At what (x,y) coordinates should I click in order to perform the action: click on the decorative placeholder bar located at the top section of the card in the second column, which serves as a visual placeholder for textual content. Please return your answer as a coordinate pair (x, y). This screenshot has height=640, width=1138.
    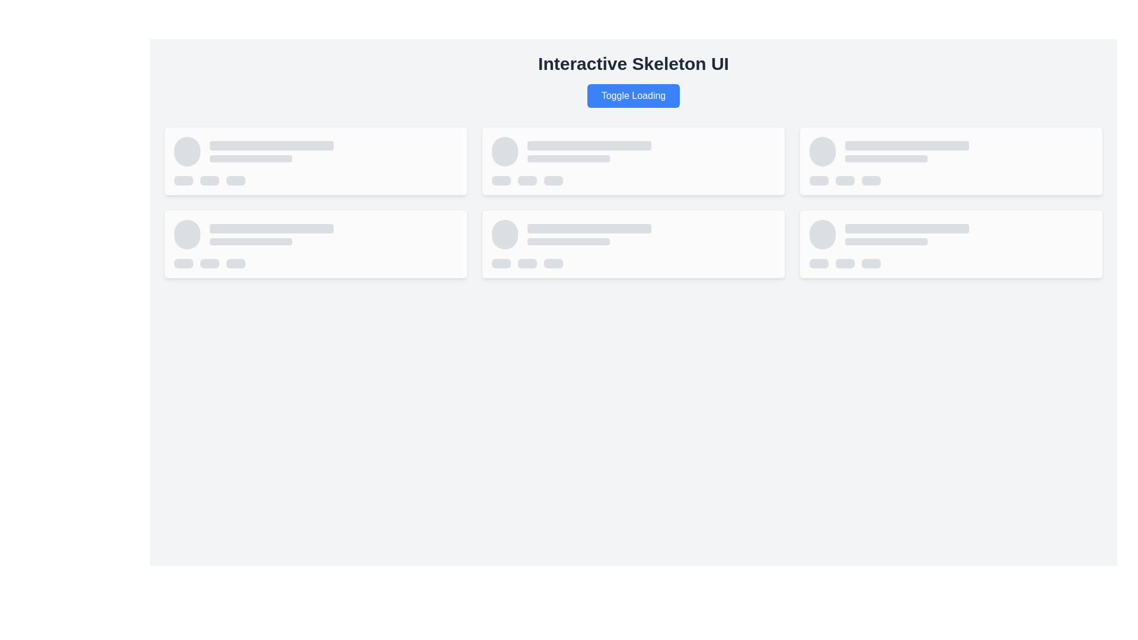
    Looking at the image, I should click on (589, 145).